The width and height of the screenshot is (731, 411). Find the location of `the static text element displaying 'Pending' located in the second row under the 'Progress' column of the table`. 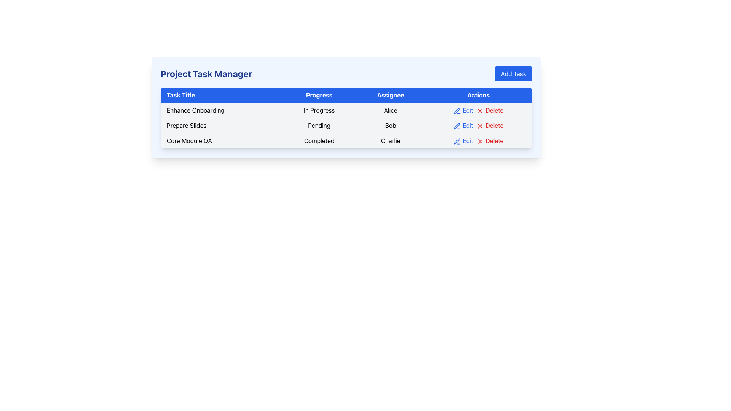

the static text element displaying 'Pending' located in the second row under the 'Progress' column of the table is located at coordinates (319, 125).